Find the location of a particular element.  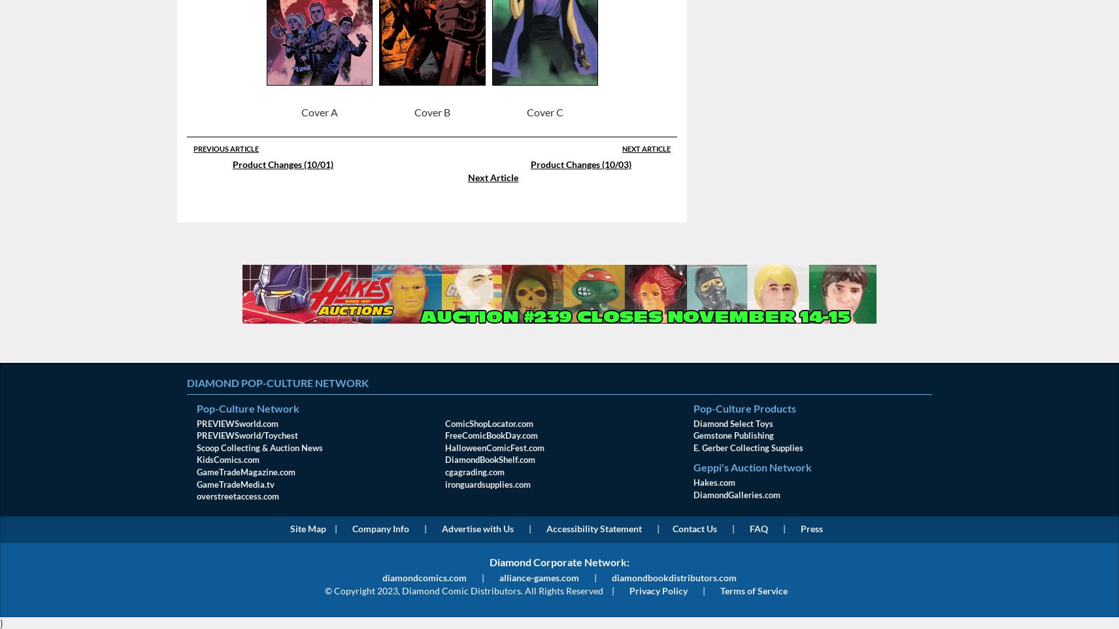

'Product Changes  (10/01)' is located at coordinates (282, 163).